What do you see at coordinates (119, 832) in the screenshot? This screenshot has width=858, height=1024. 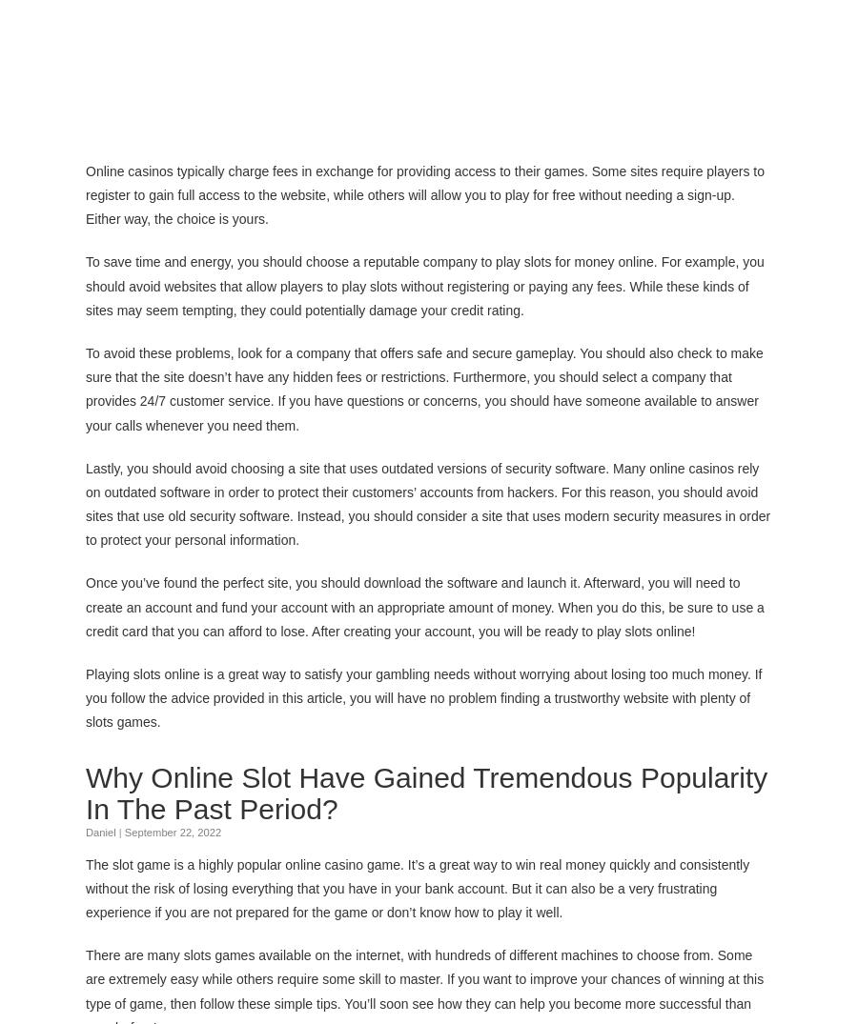 I see `'|'` at bounding box center [119, 832].